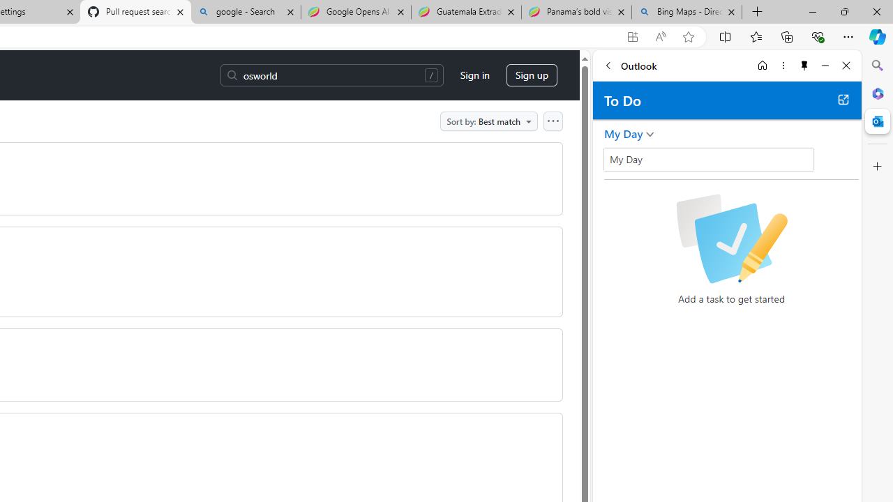 Image resolution: width=893 pixels, height=502 pixels. What do you see at coordinates (783, 65) in the screenshot?
I see `'More options'` at bounding box center [783, 65].